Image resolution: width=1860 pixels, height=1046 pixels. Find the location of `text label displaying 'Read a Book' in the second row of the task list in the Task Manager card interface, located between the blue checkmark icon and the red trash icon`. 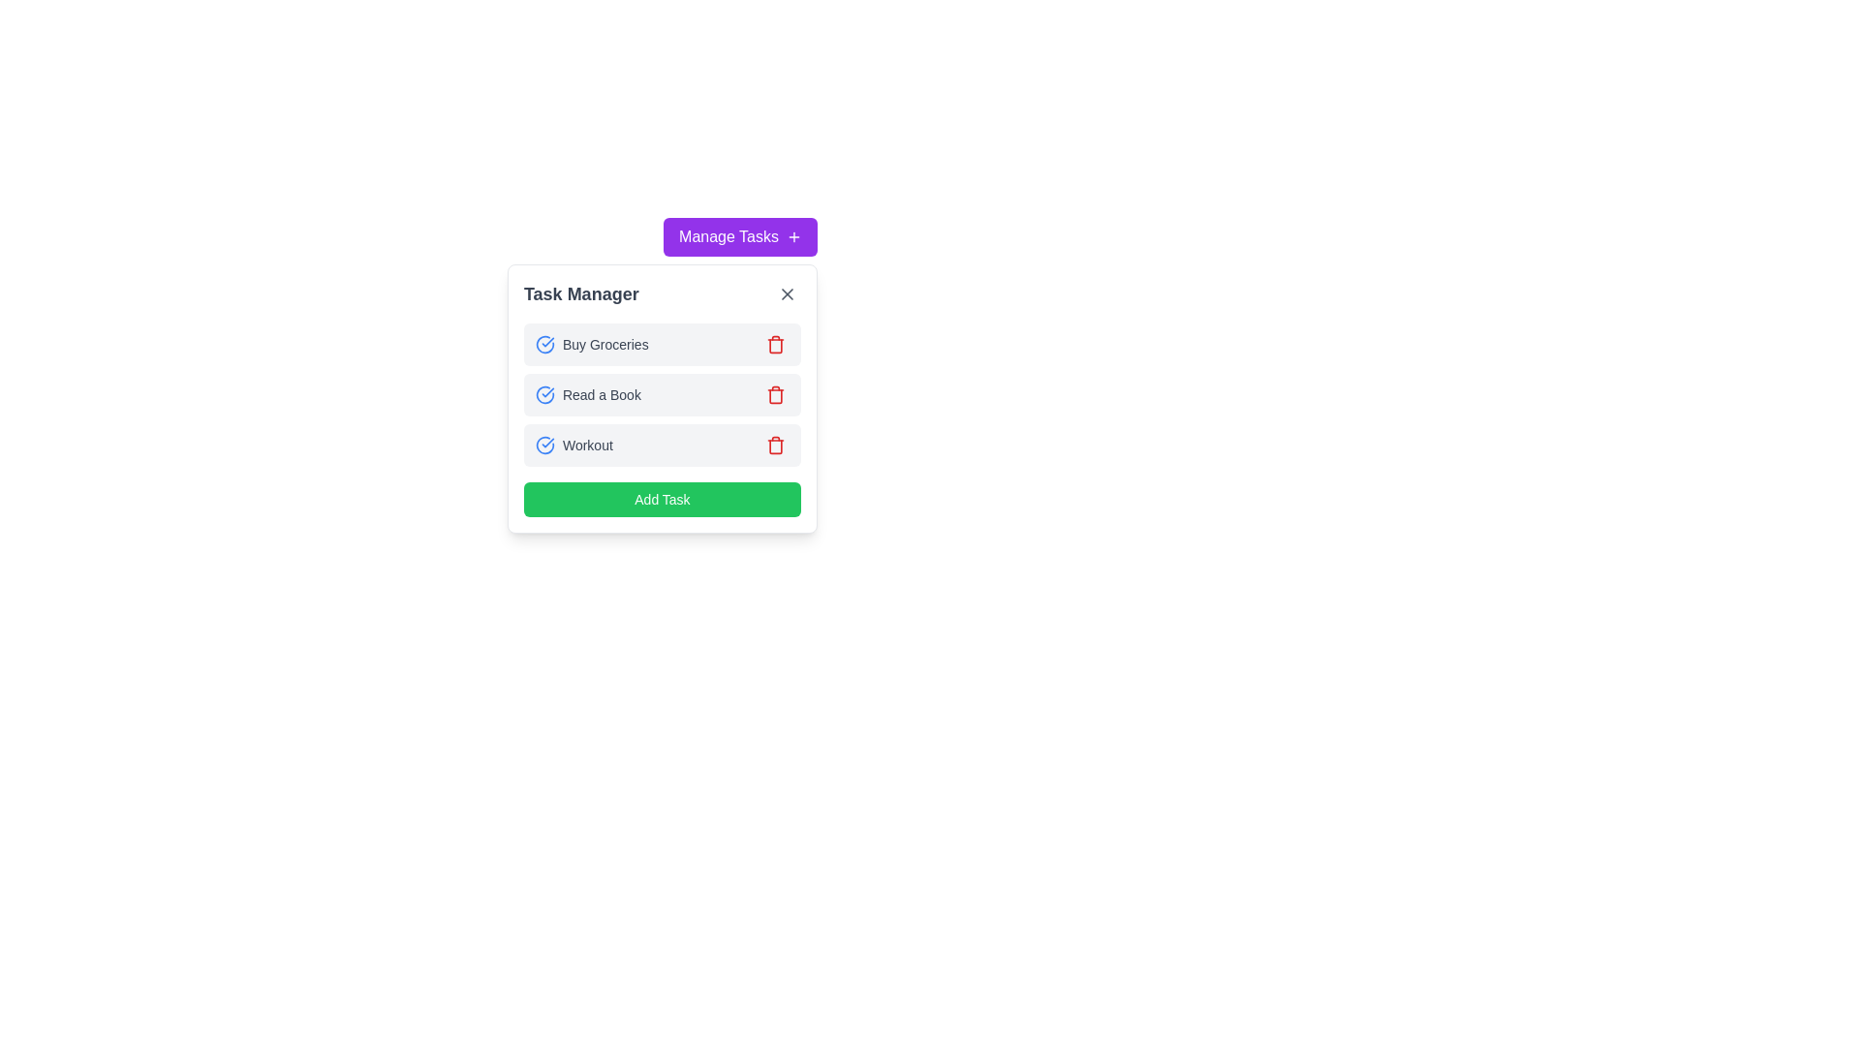

text label displaying 'Read a Book' in the second row of the task list in the Task Manager card interface, located between the blue checkmark icon and the red trash icon is located at coordinates (601, 394).